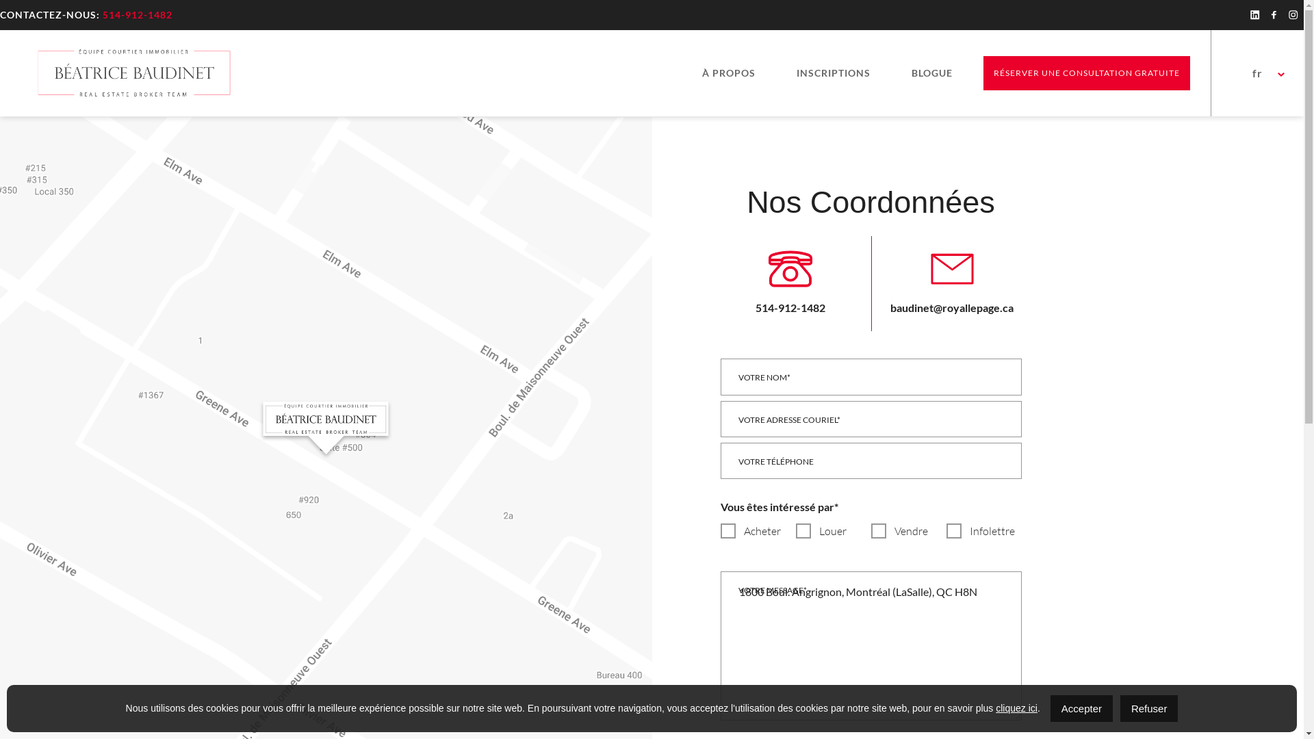 The width and height of the screenshot is (1314, 739). What do you see at coordinates (901, 73) in the screenshot?
I see `'BLOGUE'` at bounding box center [901, 73].